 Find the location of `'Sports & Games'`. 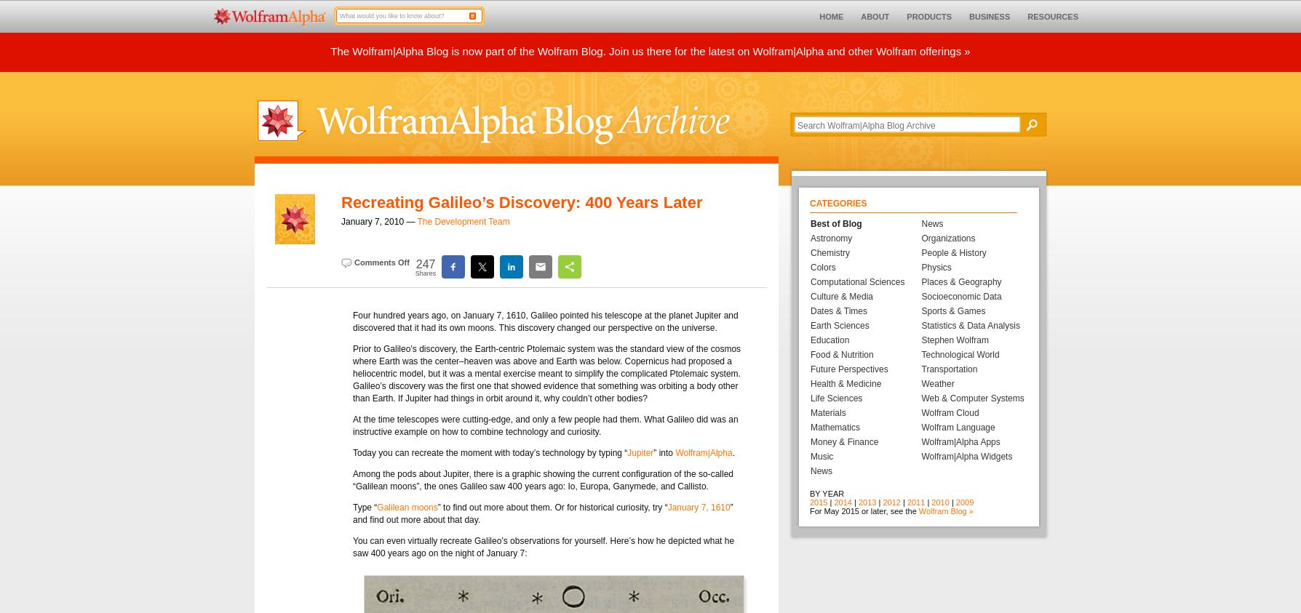

'Sports & Games' is located at coordinates (920, 310).